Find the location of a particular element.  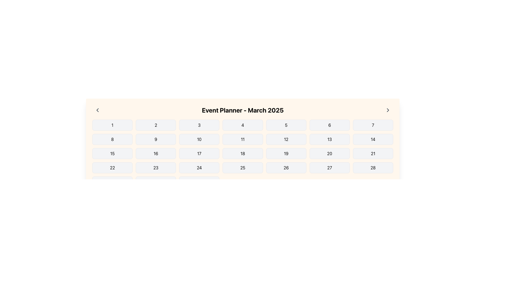

the Text label indicating the second day in the March 2025 calendar grid is located at coordinates (155, 125).